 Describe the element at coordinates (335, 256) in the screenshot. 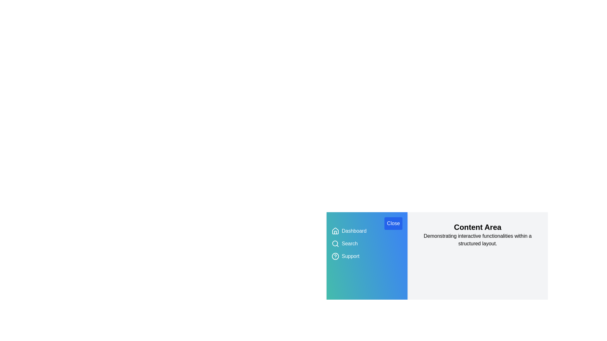

I see `the icon corresponding to Support to interact with it` at that location.